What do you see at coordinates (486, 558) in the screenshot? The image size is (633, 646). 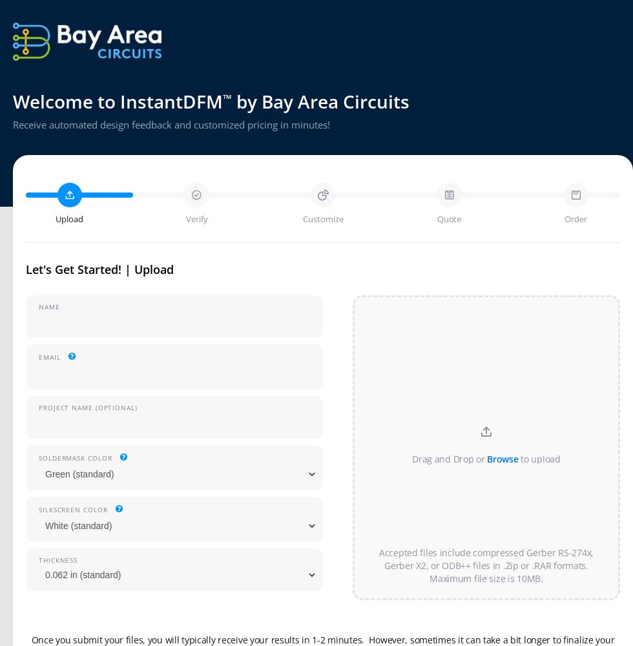 I see `'Accepted files include compressed Gerber RS-274x, Gerber X2, or ODB++ files in .Zip or .RAR formats.'` at bounding box center [486, 558].